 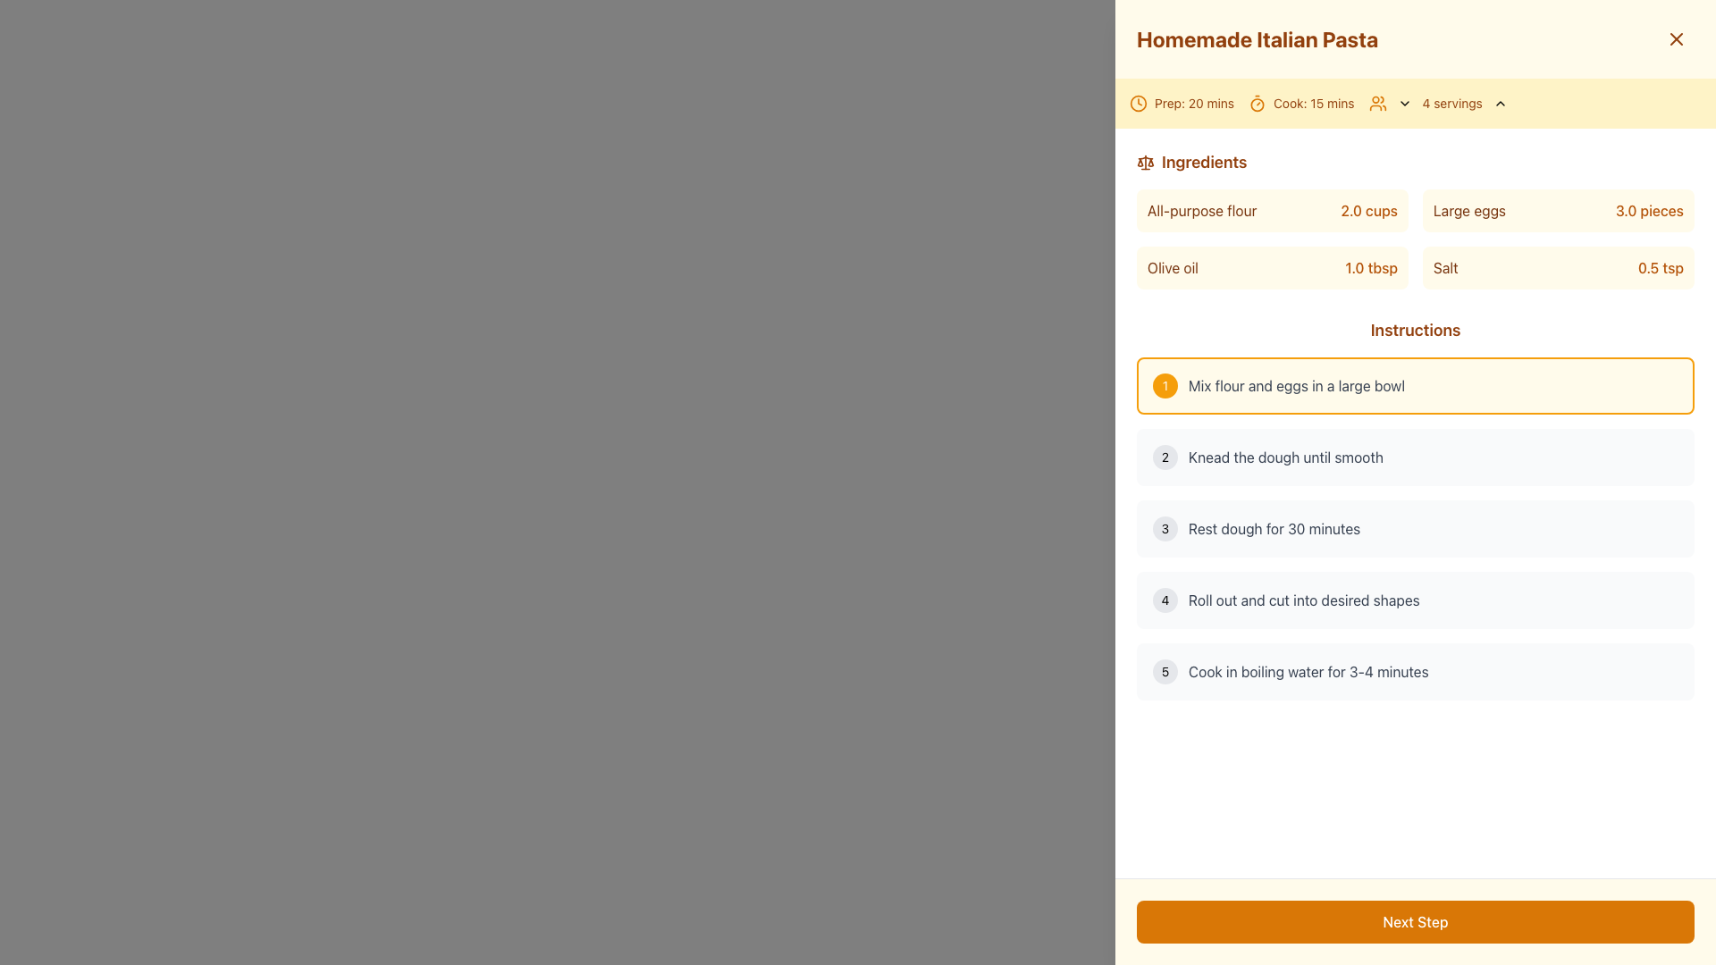 I want to click on static text that says 'Mix flour and eggs in a large bowl', which is the first instruction in the list under the 'Instructions' heading, so click(x=1297, y=385).